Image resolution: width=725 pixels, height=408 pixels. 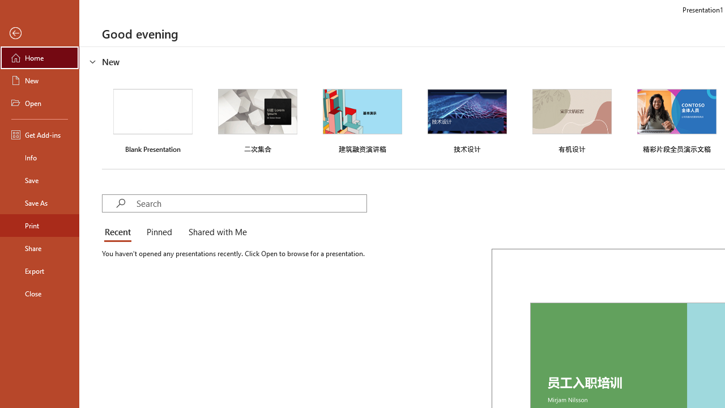 I want to click on 'Search', so click(x=250, y=202).